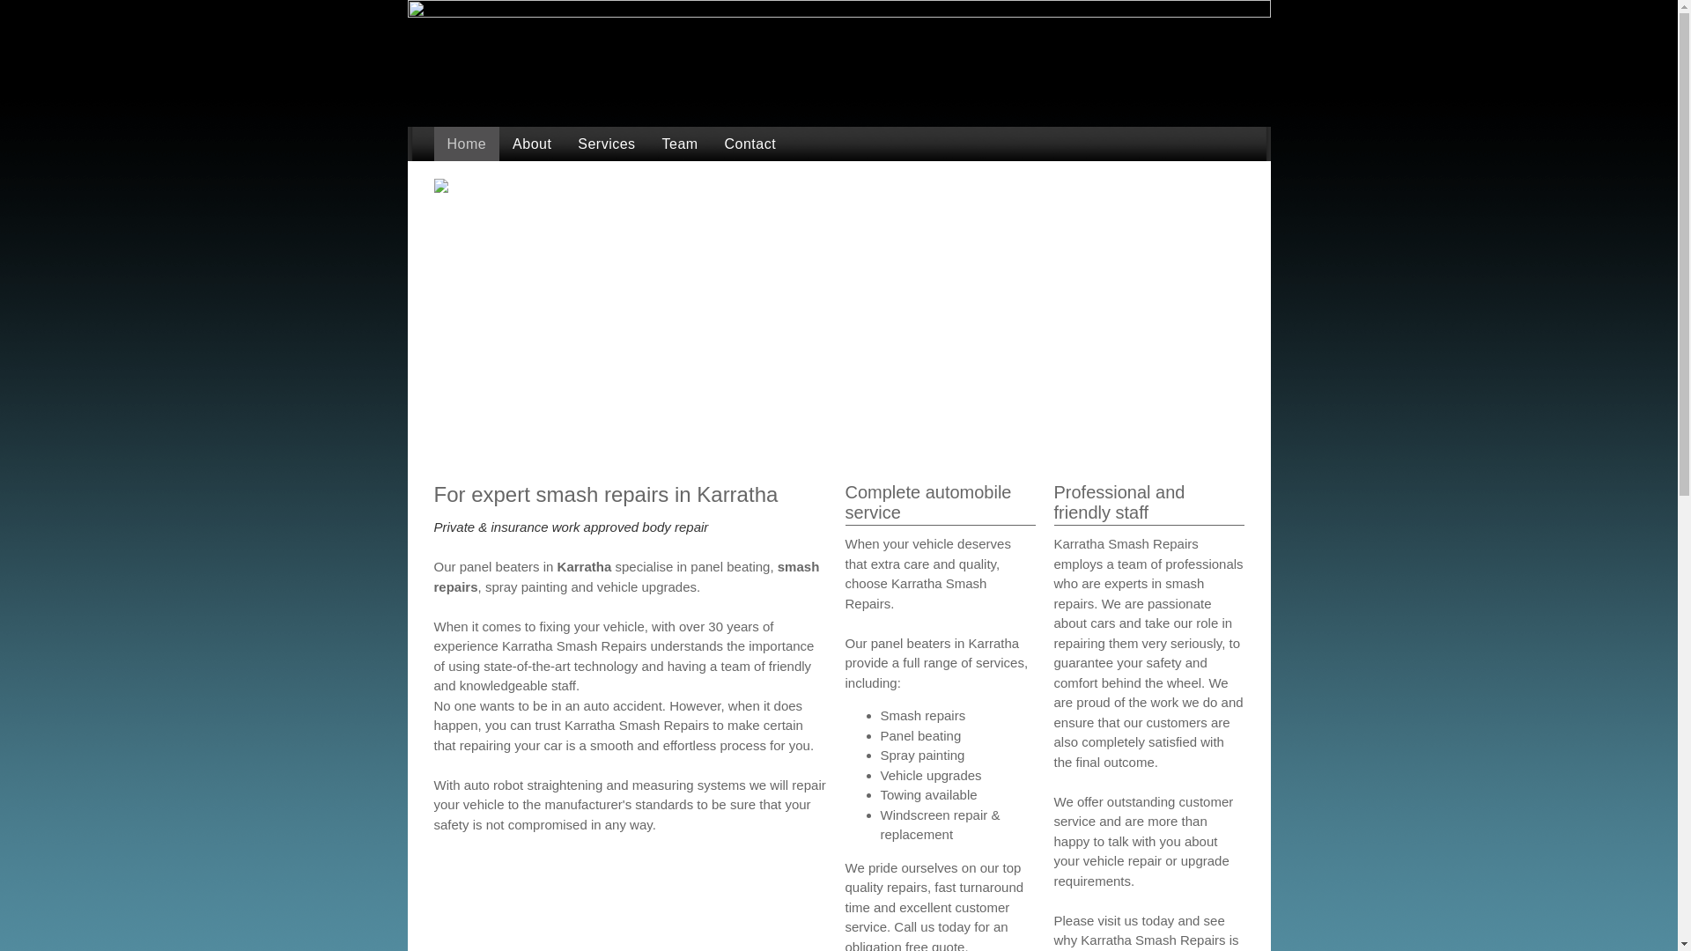 The image size is (1691, 951). I want to click on 'Services', so click(606, 144).